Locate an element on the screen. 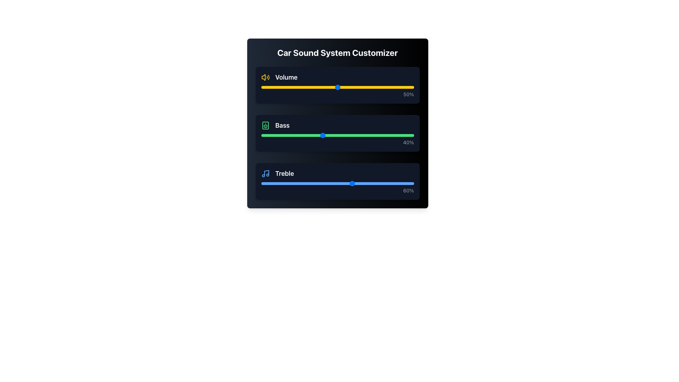  the yellow speaker icon with sound waves that is positioned to the left of the 'Volume' label in the settings interface is located at coordinates (265, 77).